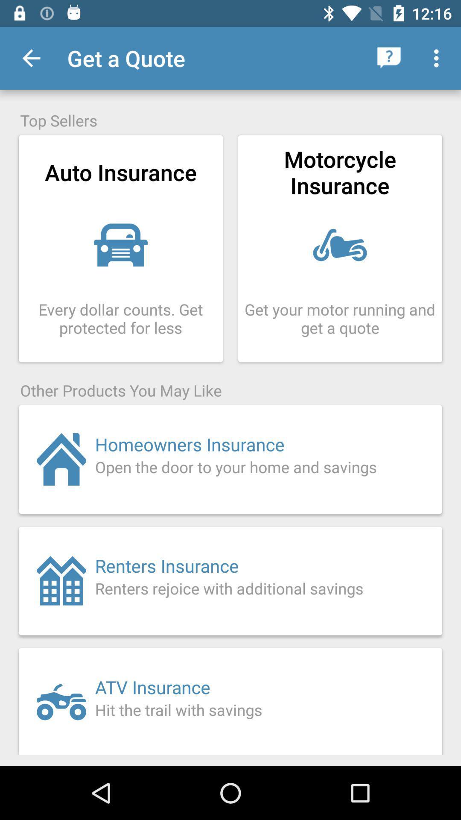  I want to click on the app to the left of get a quote app, so click(31, 58).